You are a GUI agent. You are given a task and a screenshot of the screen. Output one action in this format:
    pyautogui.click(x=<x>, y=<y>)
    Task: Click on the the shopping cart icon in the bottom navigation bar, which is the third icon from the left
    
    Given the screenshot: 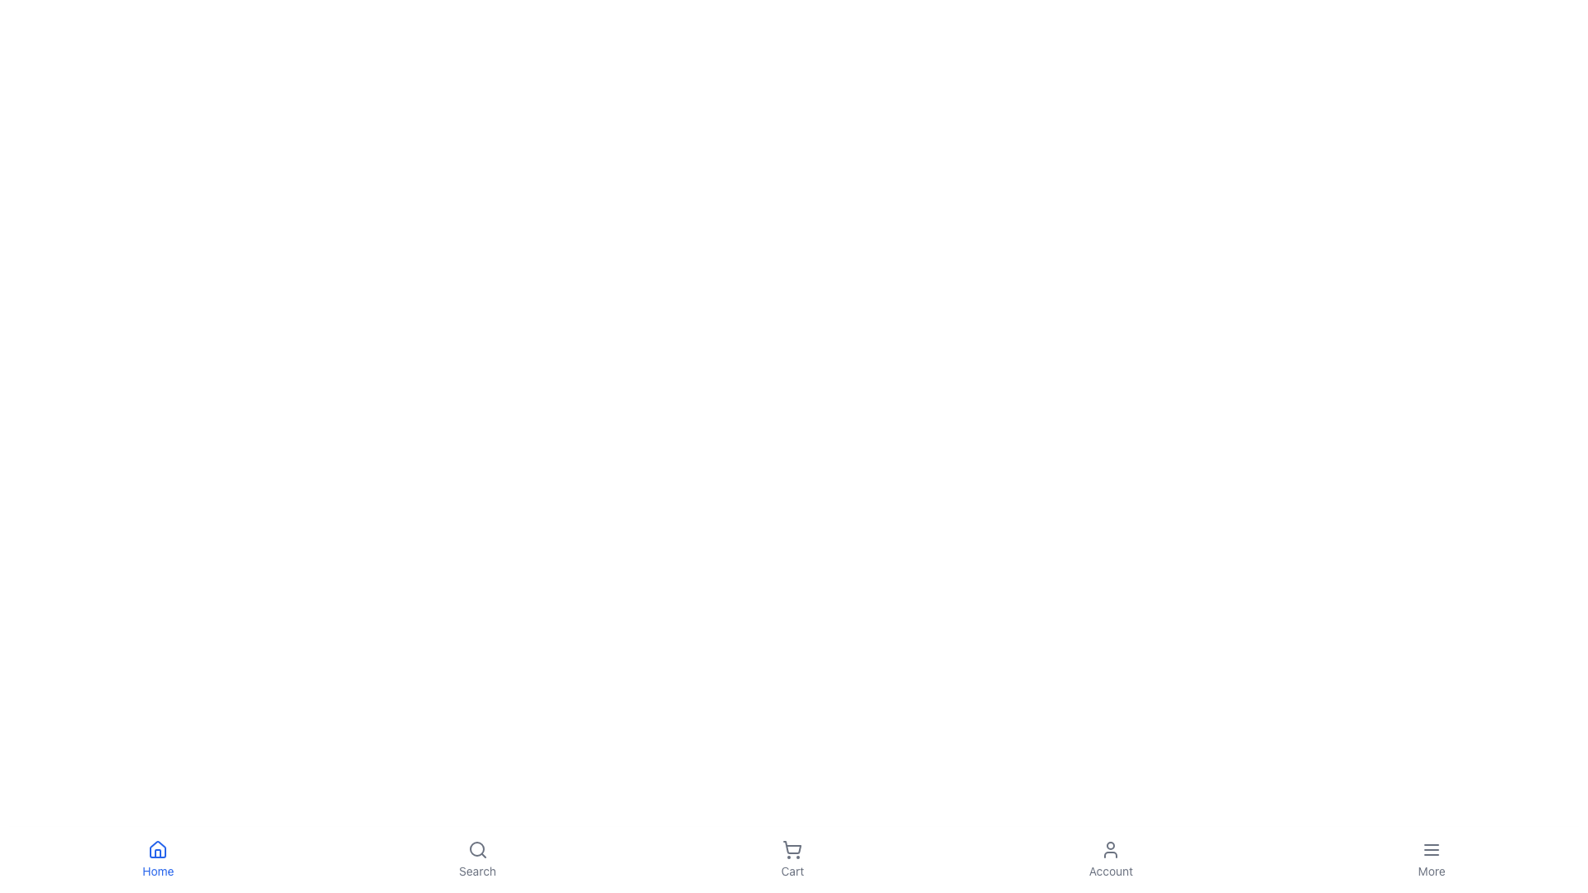 What is the action you would take?
    pyautogui.click(x=792, y=848)
    